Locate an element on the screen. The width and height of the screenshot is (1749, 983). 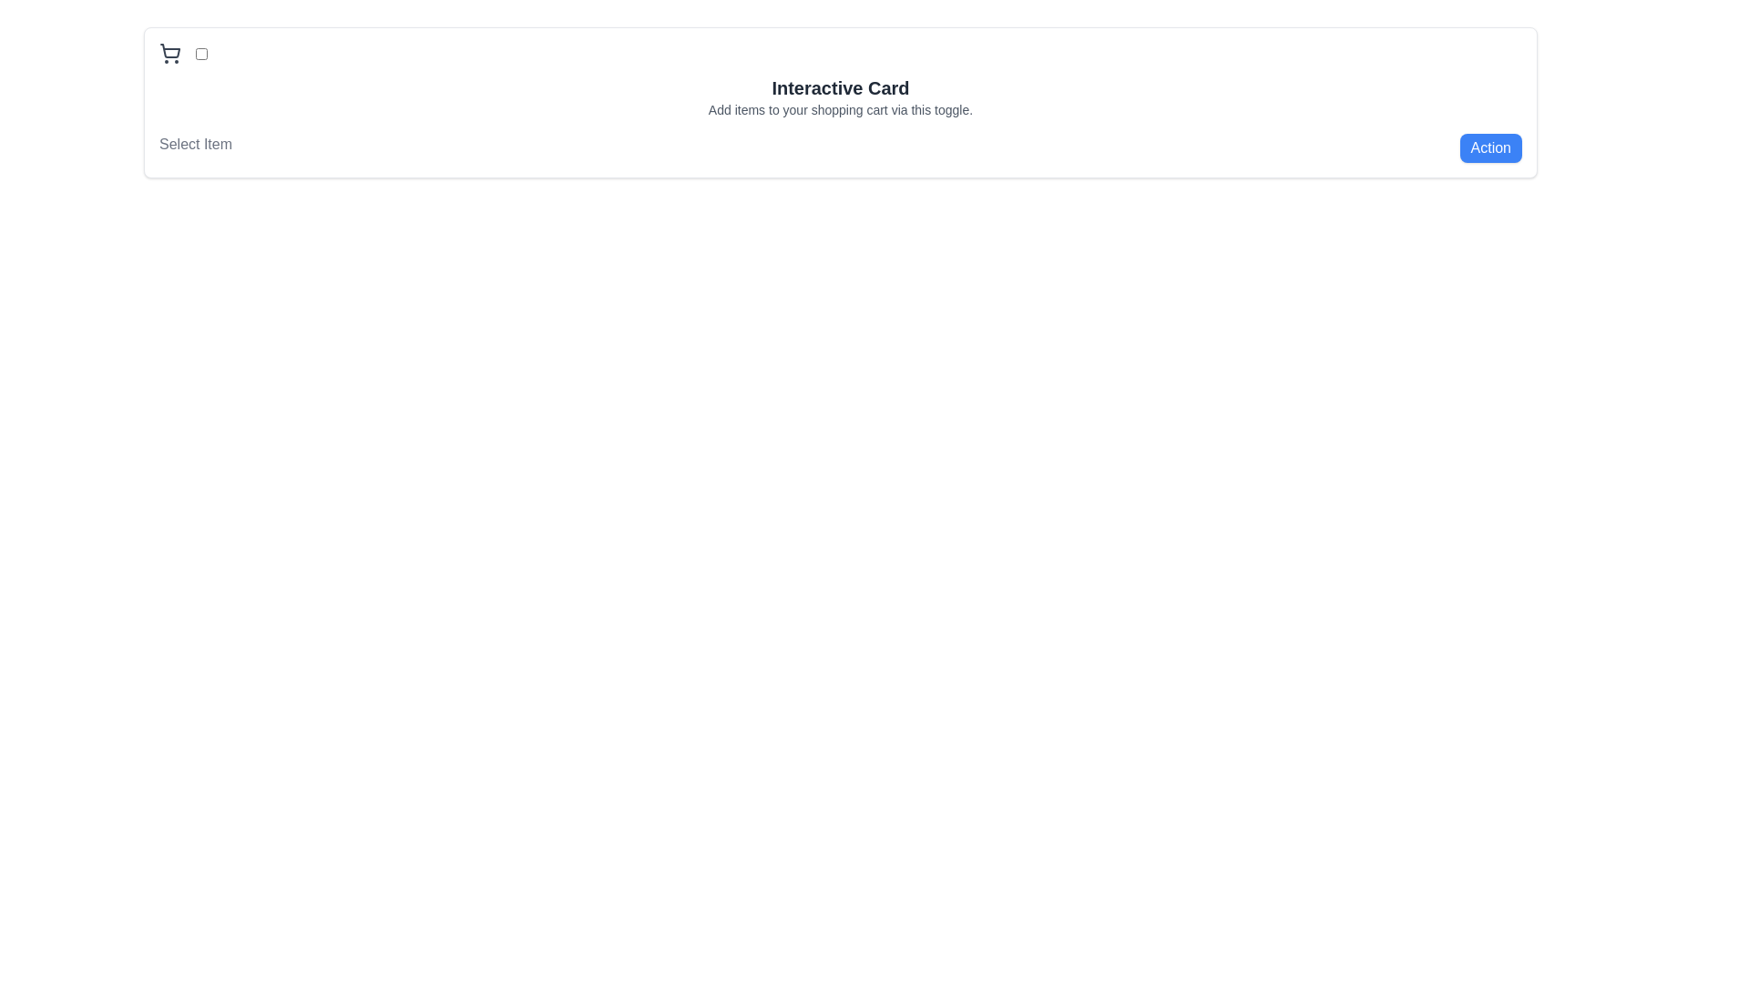
the interactive button labeled 'Action' is located at coordinates (1490, 147).